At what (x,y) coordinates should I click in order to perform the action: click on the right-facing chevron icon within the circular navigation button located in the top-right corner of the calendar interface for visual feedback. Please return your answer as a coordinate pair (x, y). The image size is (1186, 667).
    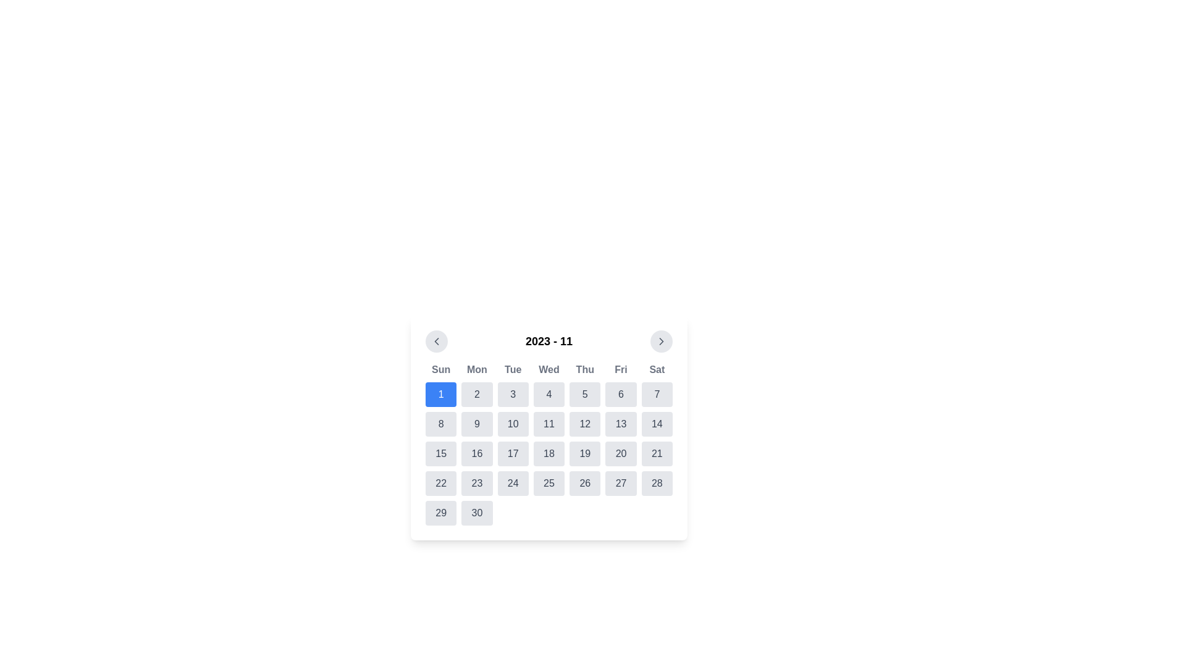
    Looking at the image, I should click on (660, 341).